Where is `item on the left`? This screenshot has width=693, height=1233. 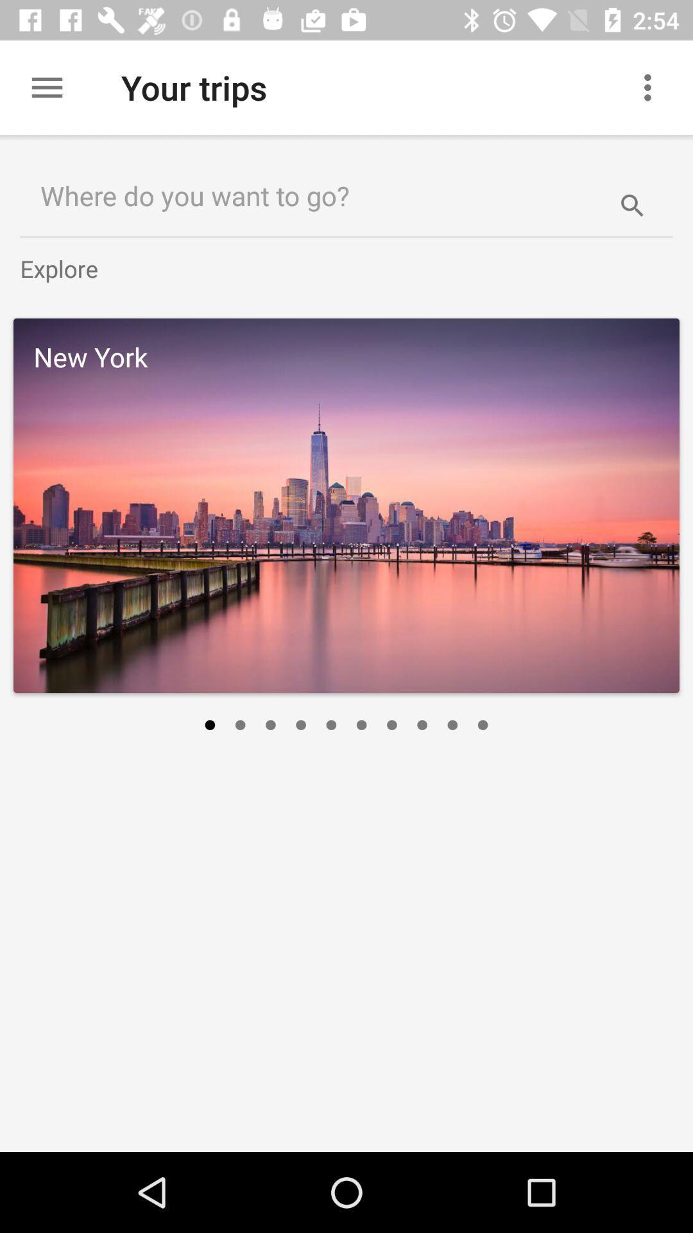
item on the left is located at coordinates (209, 725).